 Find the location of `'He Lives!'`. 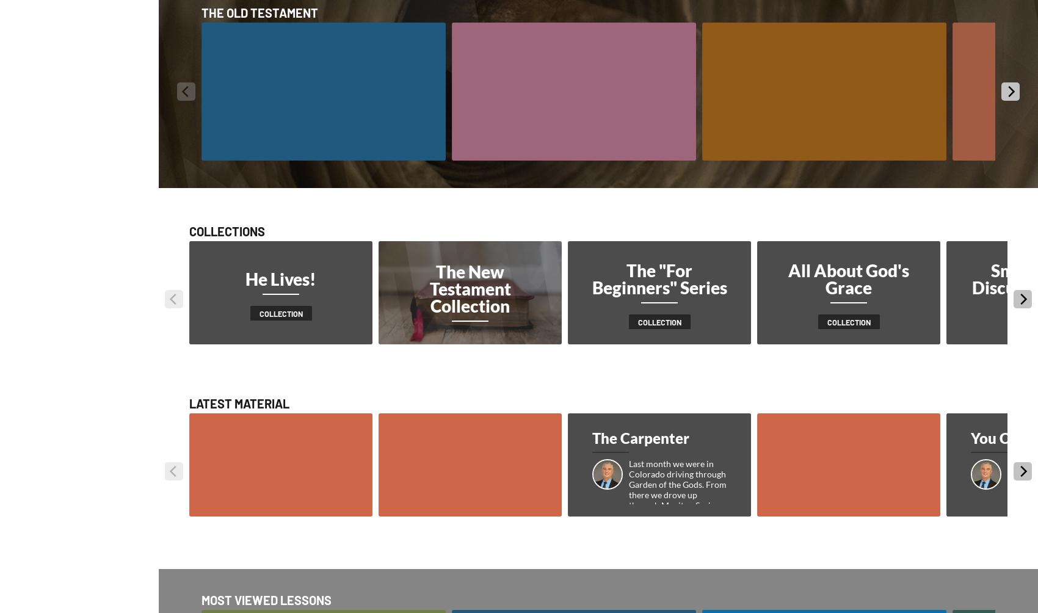

'He Lives!' is located at coordinates (245, 278).